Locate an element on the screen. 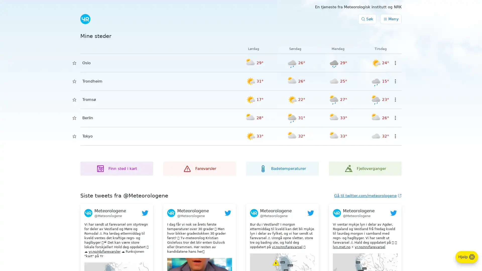 This screenshot has width=482, height=271. Lagre i Mine steder is located at coordinates (74, 100).